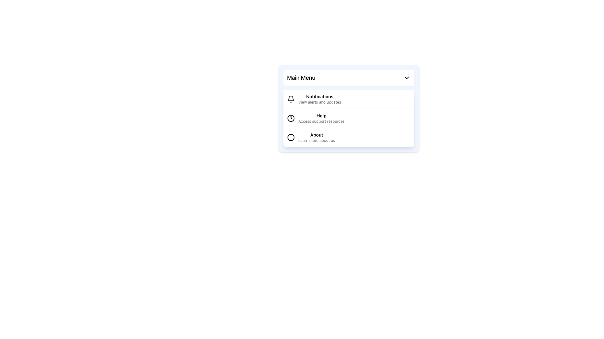 The width and height of the screenshot is (604, 339). What do you see at coordinates (348, 99) in the screenshot?
I see `the 'Notifications' menu item in the dropdown list` at bounding box center [348, 99].